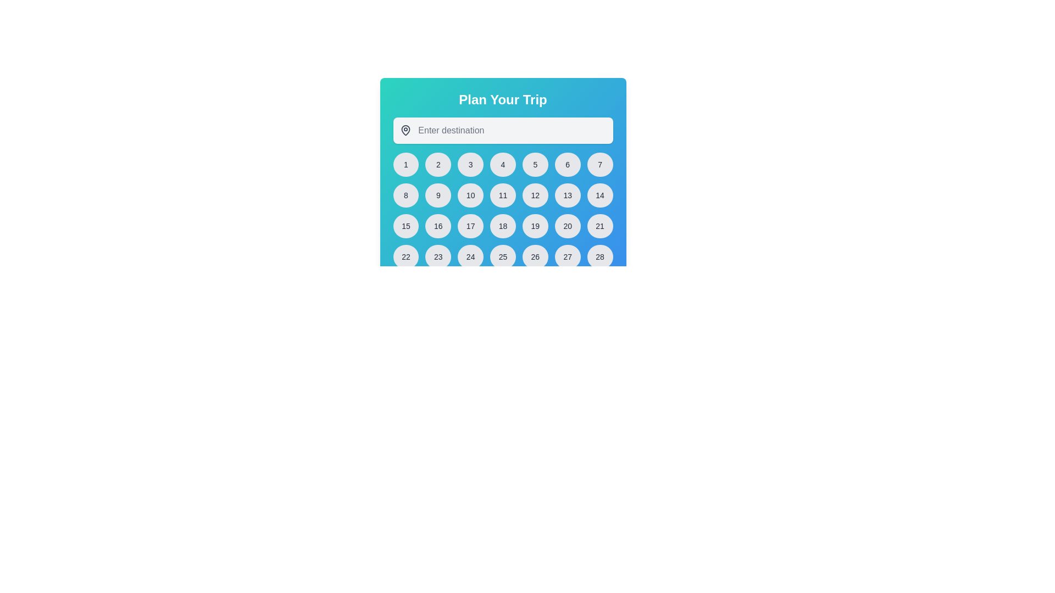  Describe the element at coordinates (406, 256) in the screenshot. I see `the circular button with a light gray background and the number '22' centered in black text, located in the first column of the fourth row of a grid of buttons` at that location.